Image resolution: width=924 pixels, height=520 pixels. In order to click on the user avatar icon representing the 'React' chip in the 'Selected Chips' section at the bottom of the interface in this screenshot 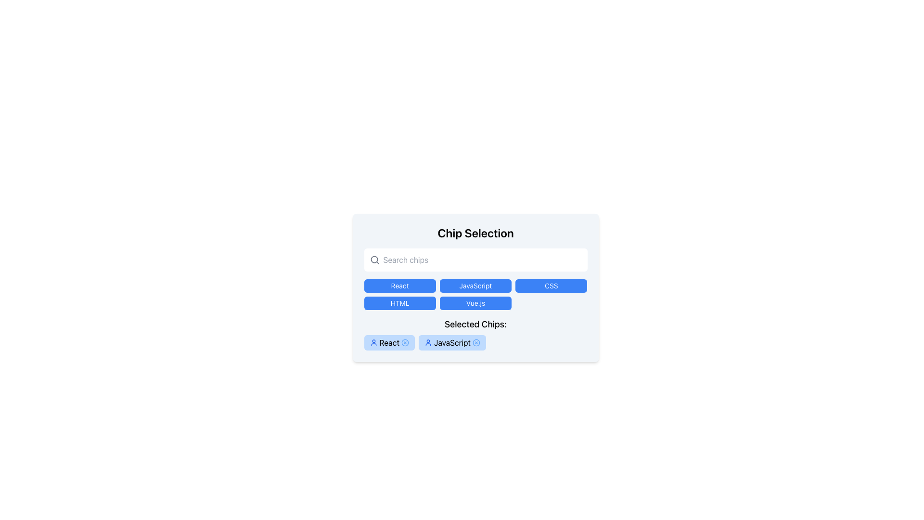, I will do `click(373, 342)`.